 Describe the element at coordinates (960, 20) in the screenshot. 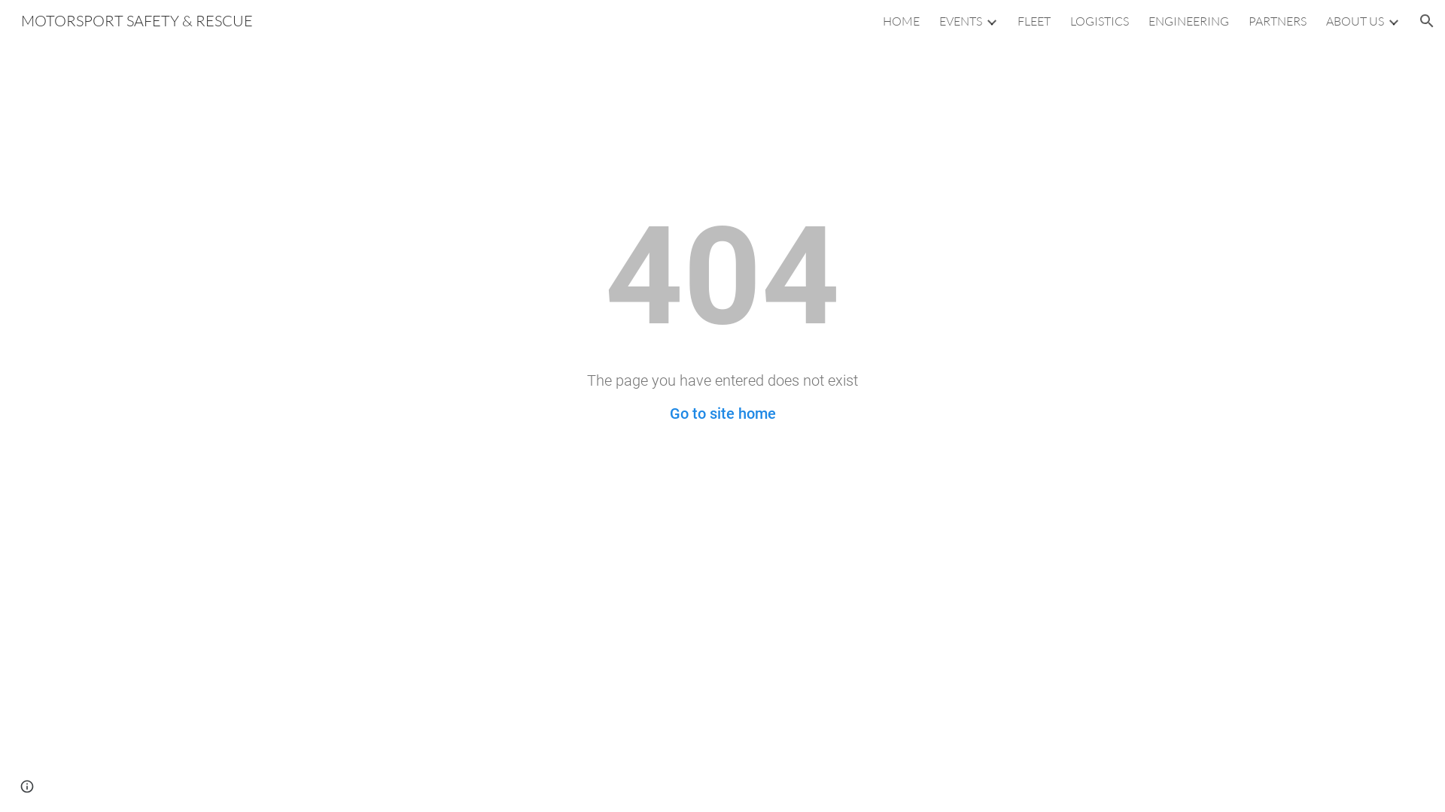

I see `'EVENTS'` at that location.